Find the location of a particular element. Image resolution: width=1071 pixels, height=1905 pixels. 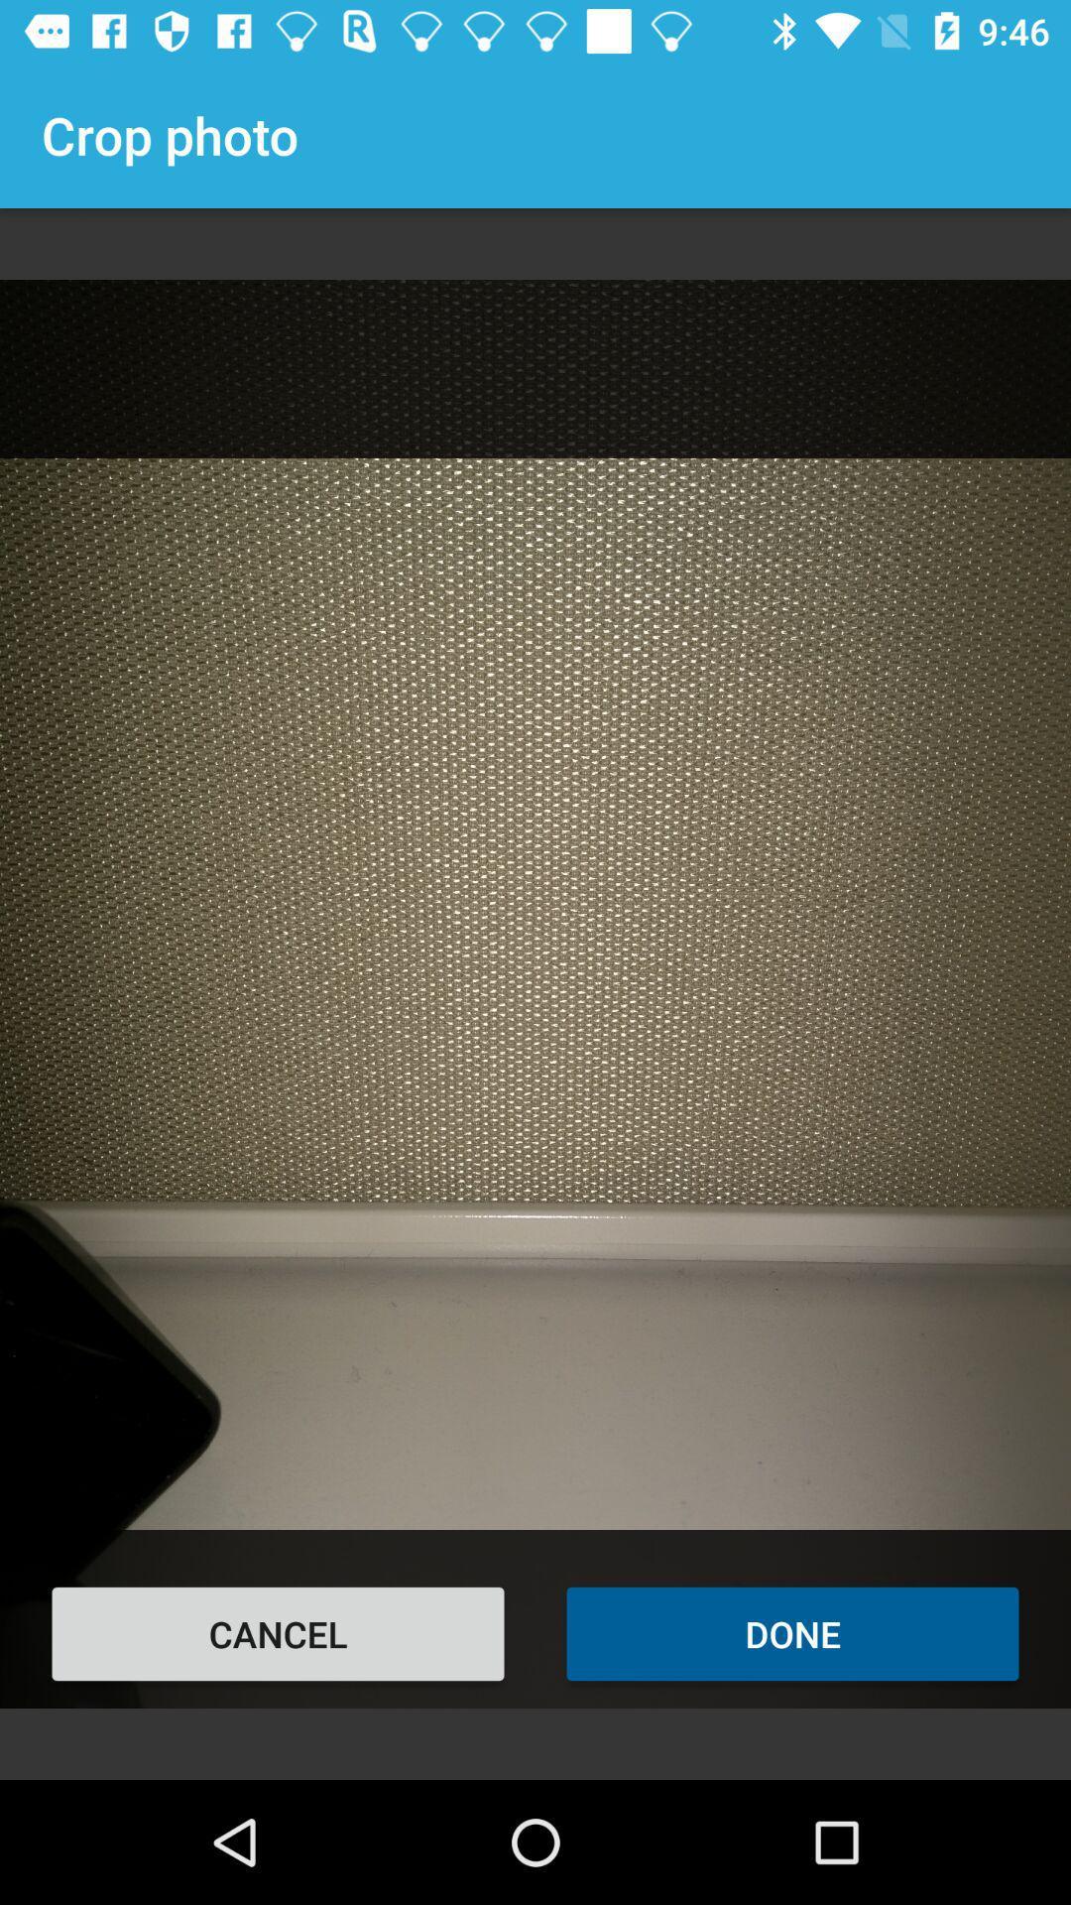

item next to the cancel is located at coordinates (791, 1633).